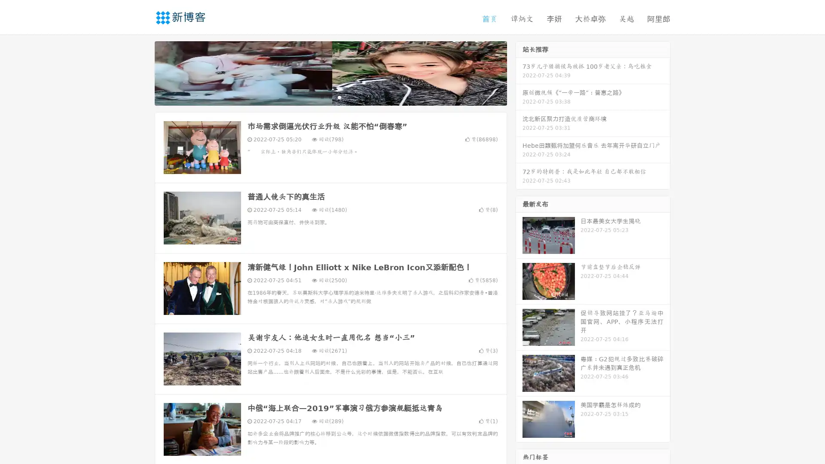 This screenshot has height=464, width=825. What do you see at coordinates (321, 97) in the screenshot?
I see `Go to slide 1` at bounding box center [321, 97].